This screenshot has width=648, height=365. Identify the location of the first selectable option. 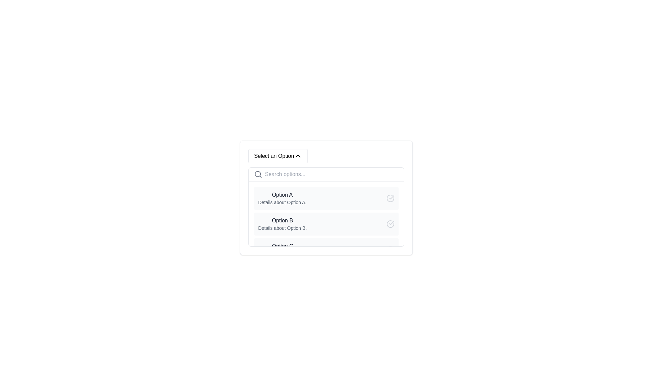
(326, 198).